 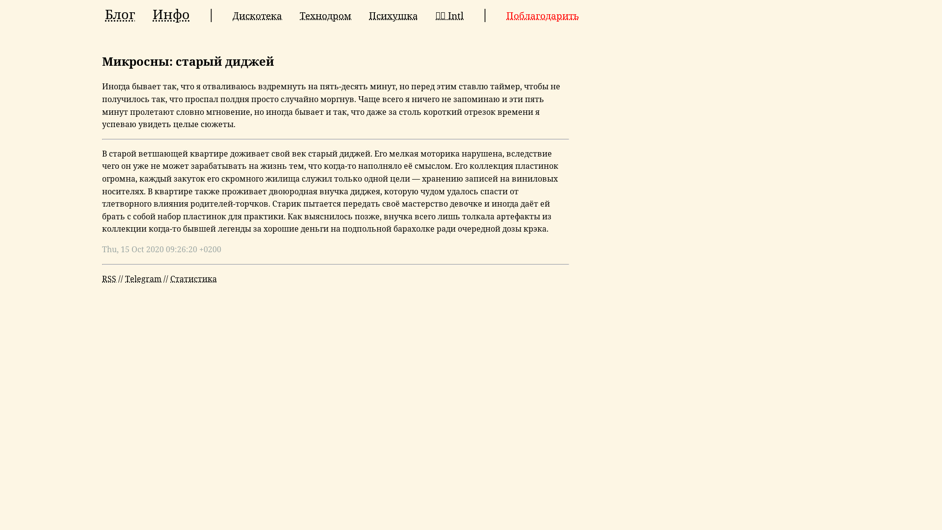 I want to click on 'RSS', so click(x=102, y=278).